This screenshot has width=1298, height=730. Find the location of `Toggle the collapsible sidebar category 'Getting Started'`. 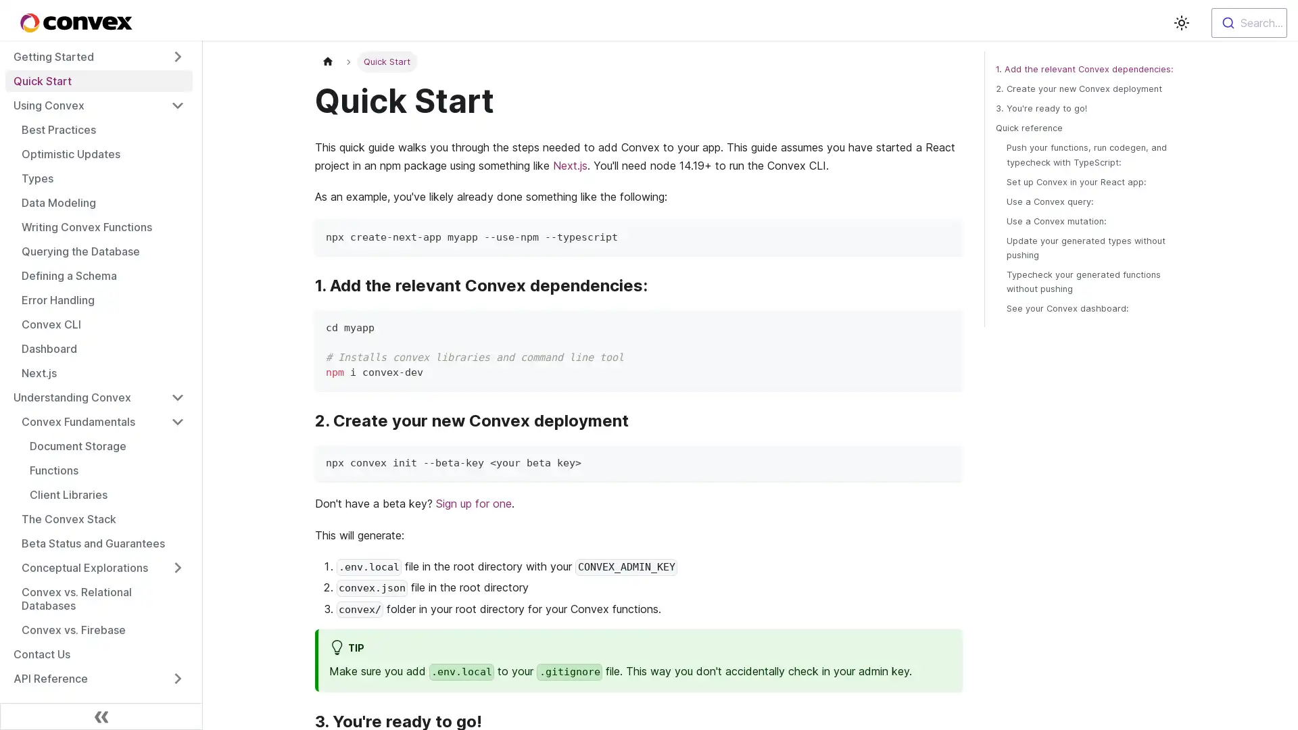

Toggle the collapsible sidebar category 'Getting Started' is located at coordinates (177, 56).